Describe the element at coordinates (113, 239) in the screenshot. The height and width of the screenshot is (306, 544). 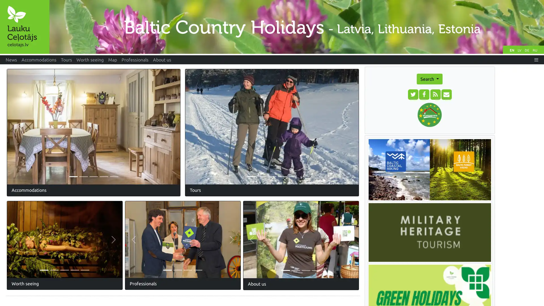
I see `Next` at that location.